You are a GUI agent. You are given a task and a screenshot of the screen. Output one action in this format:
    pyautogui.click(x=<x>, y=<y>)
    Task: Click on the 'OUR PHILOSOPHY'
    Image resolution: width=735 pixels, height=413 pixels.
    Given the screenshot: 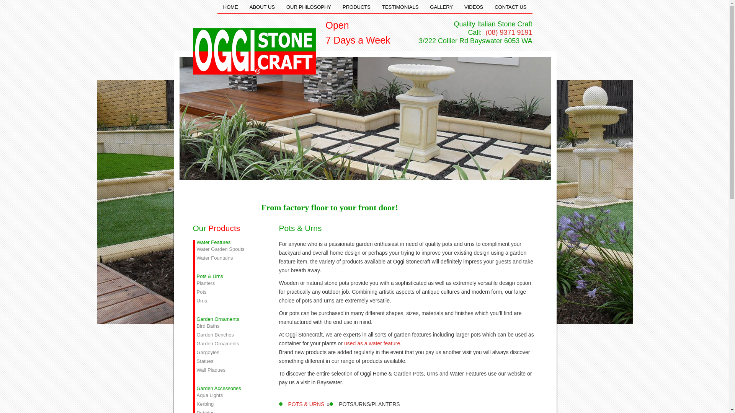 What is the action you would take?
    pyautogui.click(x=309, y=7)
    